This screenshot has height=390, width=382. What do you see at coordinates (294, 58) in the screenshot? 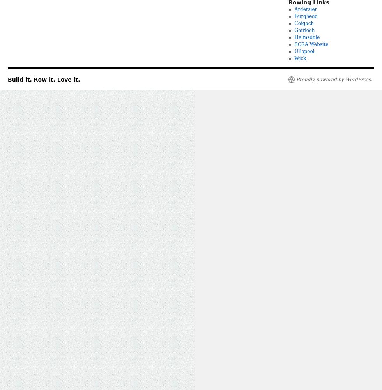
I see `'Wick'` at bounding box center [294, 58].